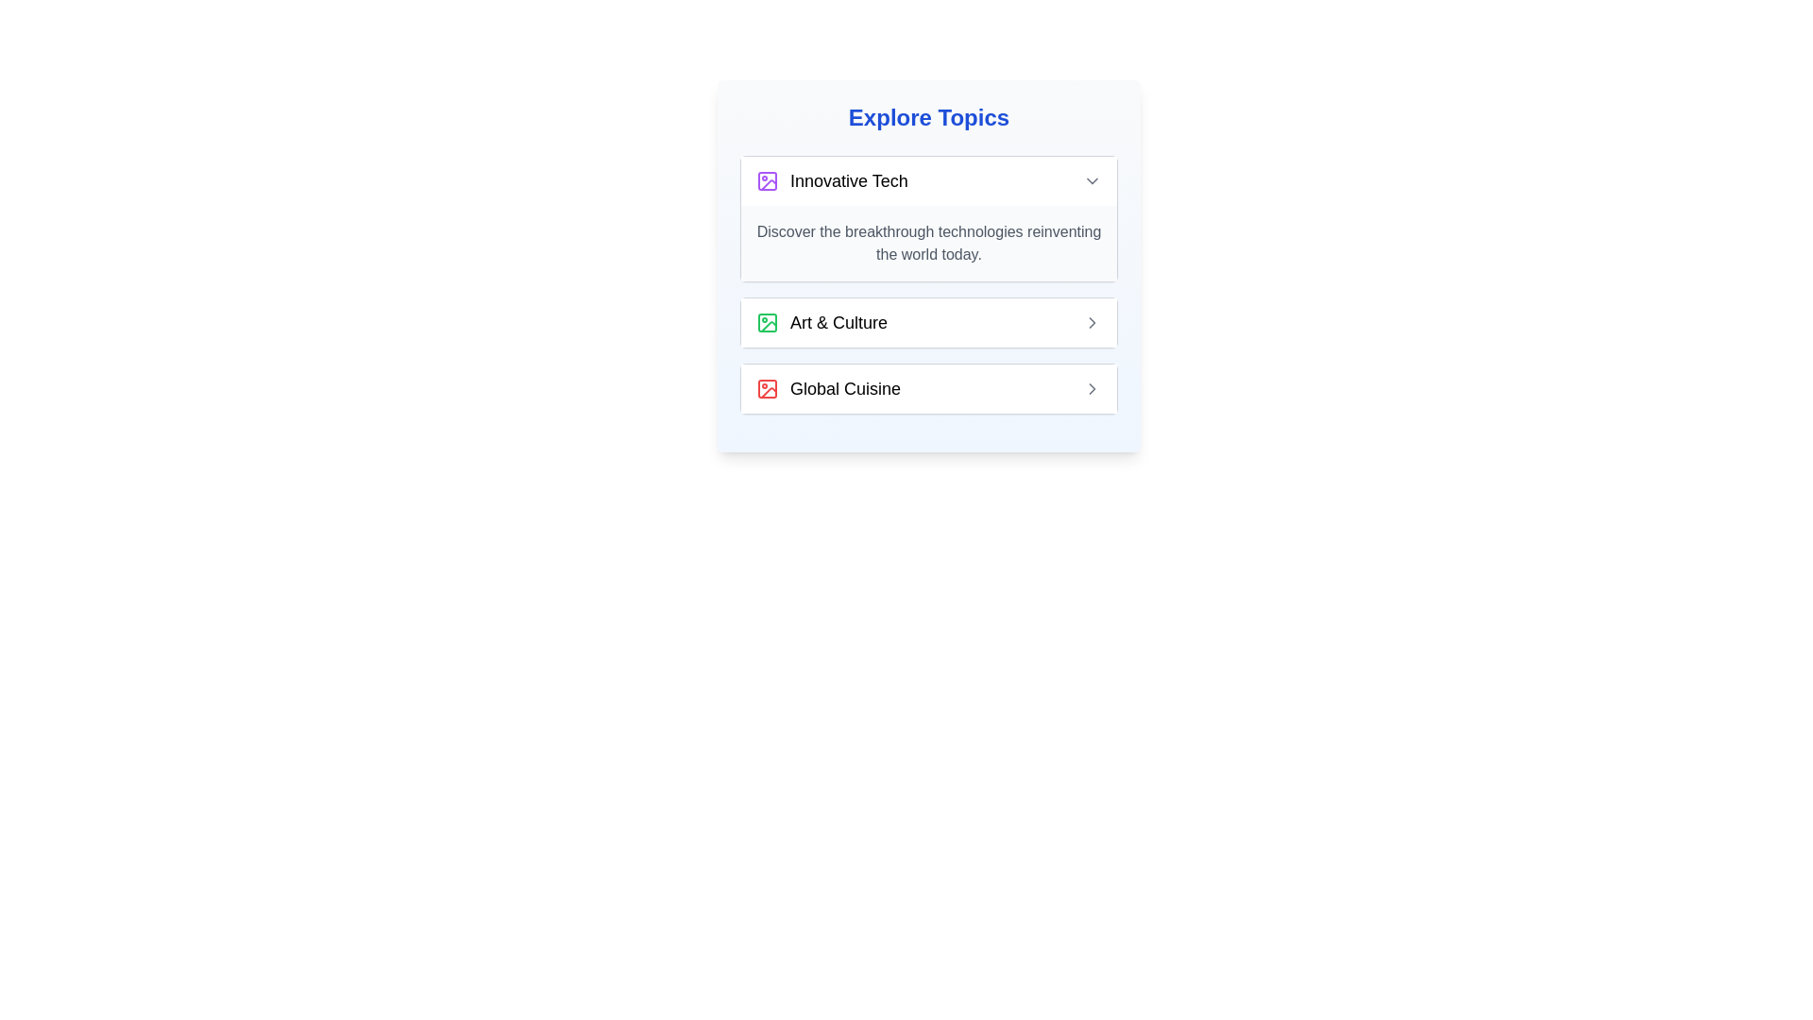  I want to click on the navigation icon located on the far right end of the 'Global Cuisine' panel, so click(1092, 388).